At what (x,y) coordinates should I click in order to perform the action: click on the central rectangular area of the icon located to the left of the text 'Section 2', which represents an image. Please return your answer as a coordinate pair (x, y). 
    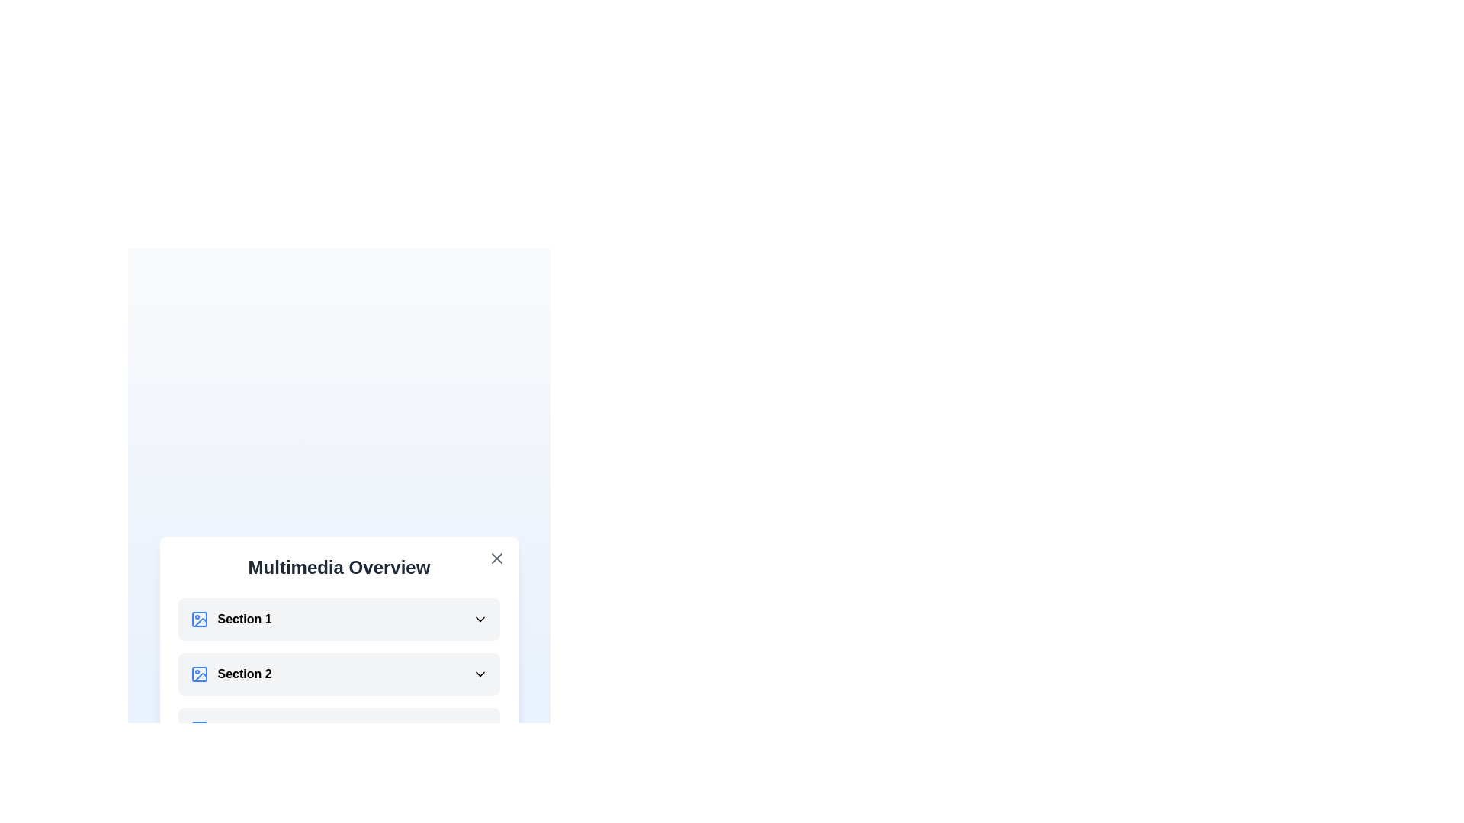
    Looking at the image, I should click on (198, 673).